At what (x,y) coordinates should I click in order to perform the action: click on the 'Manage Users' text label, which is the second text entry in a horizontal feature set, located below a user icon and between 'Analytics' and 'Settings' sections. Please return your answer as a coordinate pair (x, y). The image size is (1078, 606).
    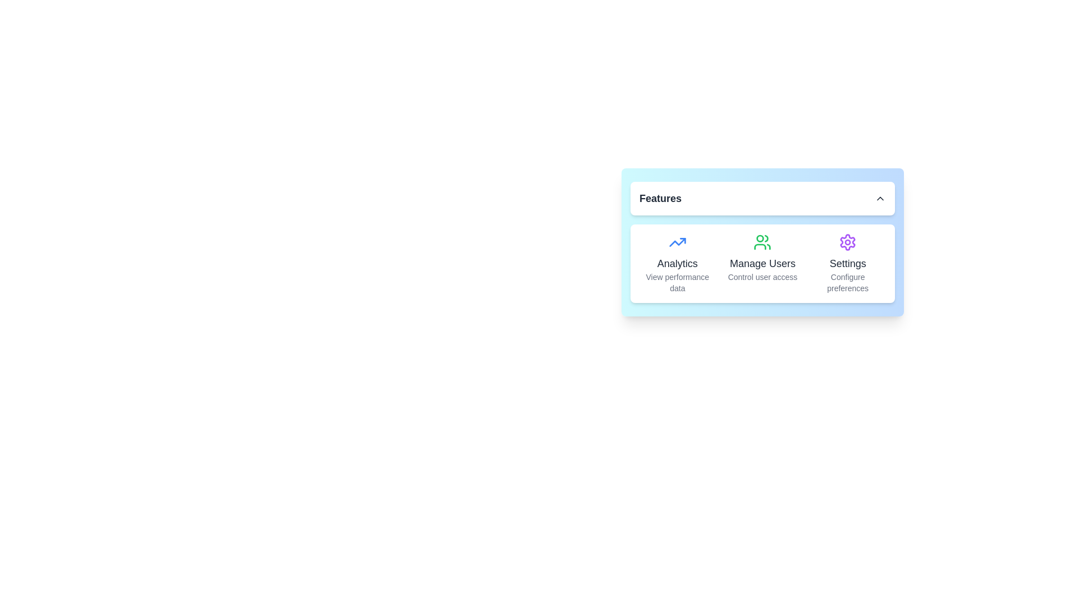
    Looking at the image, I should click on (762, 264).